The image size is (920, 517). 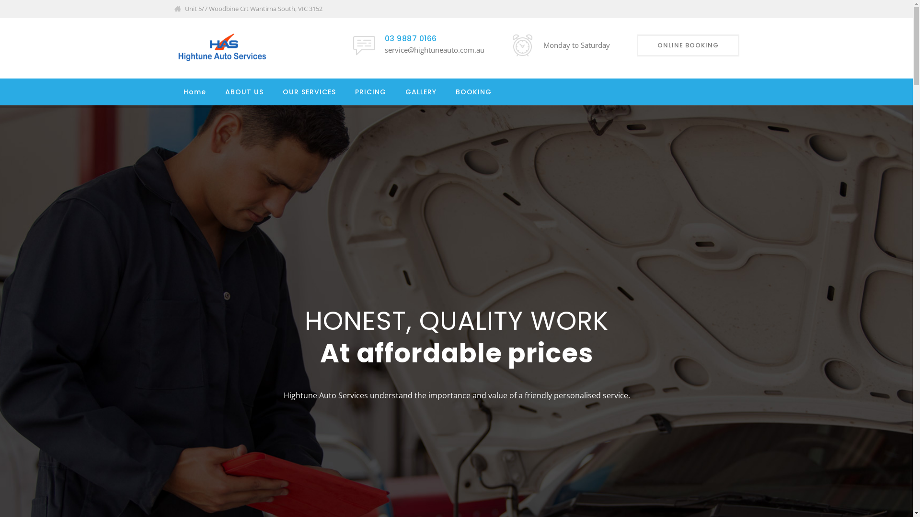 I want to click on 'Hightune Auto Services', so click(x=173, y=48).